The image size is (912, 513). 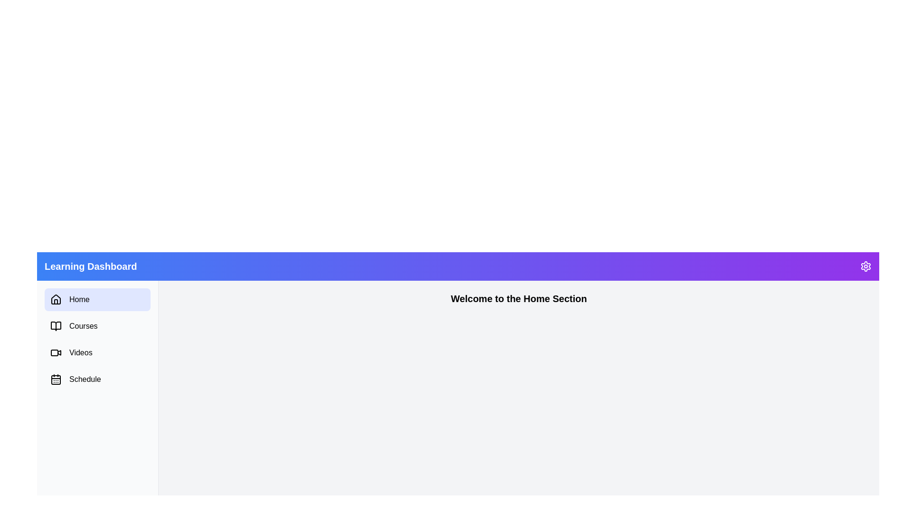 I want to click on text content of the header titled 'Home Section', which is positioned in the center of the main content area directly below the header, so click(x=518, y=298).